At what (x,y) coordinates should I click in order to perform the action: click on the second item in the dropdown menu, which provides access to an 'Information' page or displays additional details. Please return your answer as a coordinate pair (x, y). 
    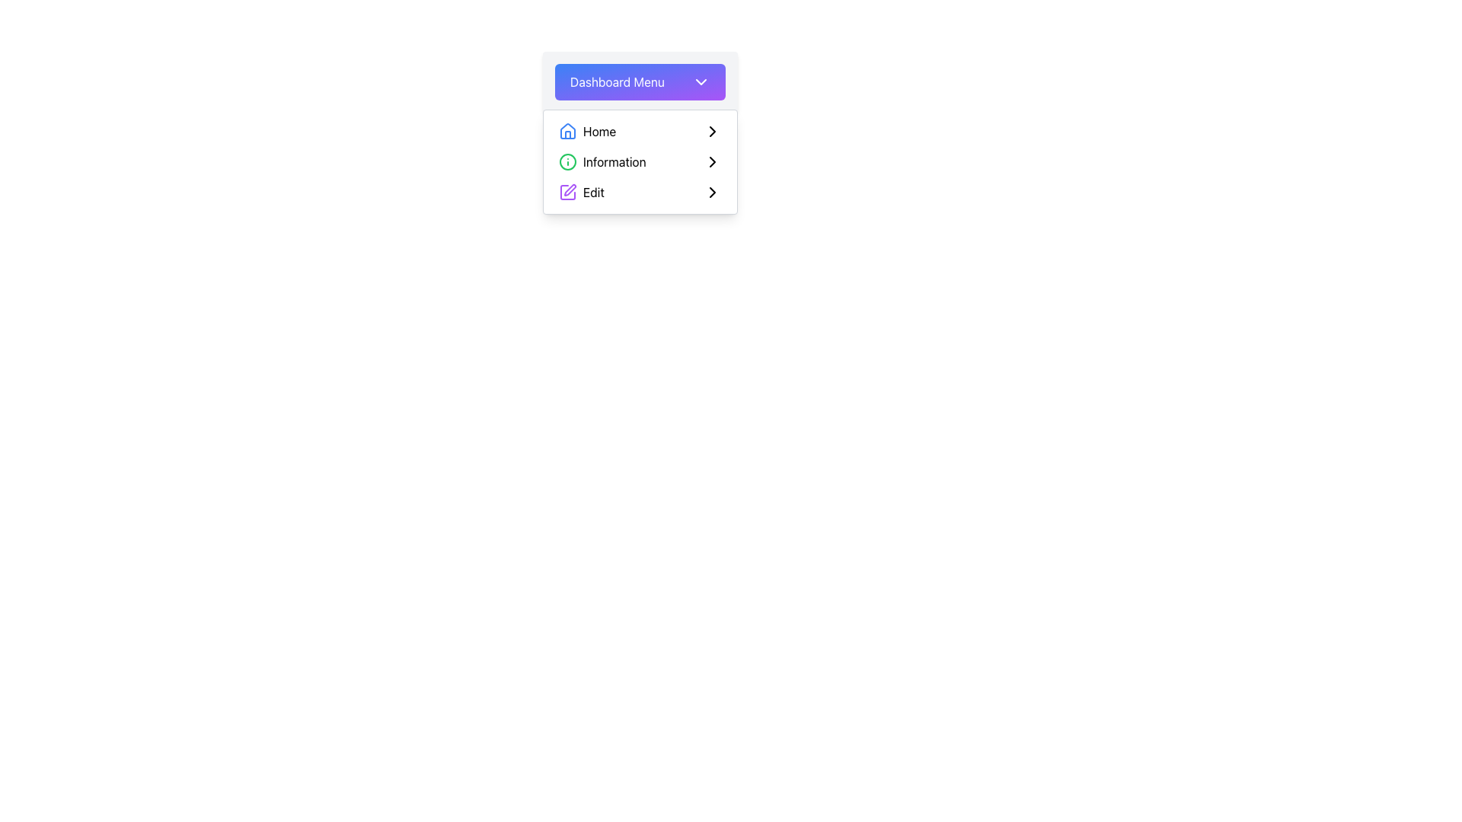
    Looking at the image, I should click on (602, 161).